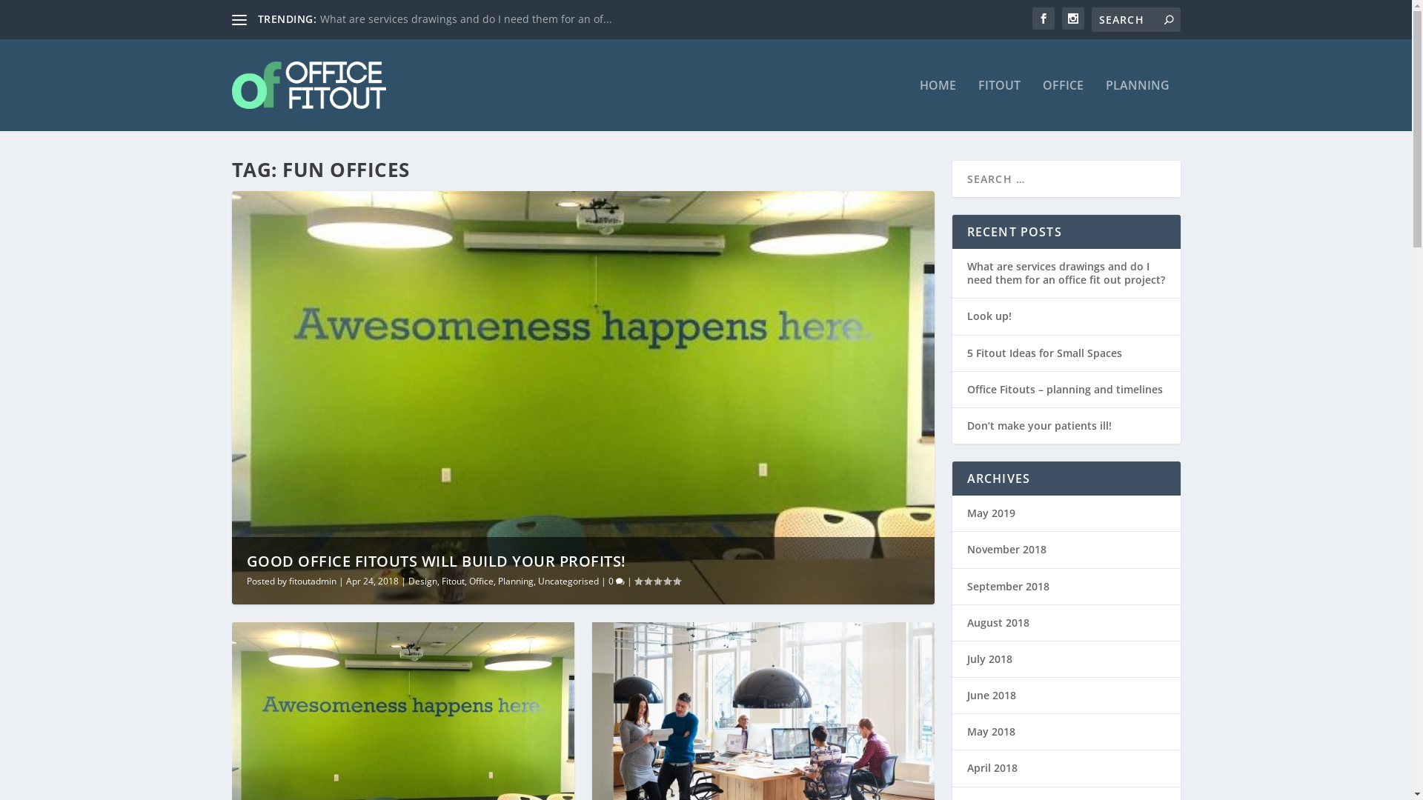 The image size is (1423, 800). I want to click on '5 Fitout Ideas for Small Spaces', so click(966, 353).